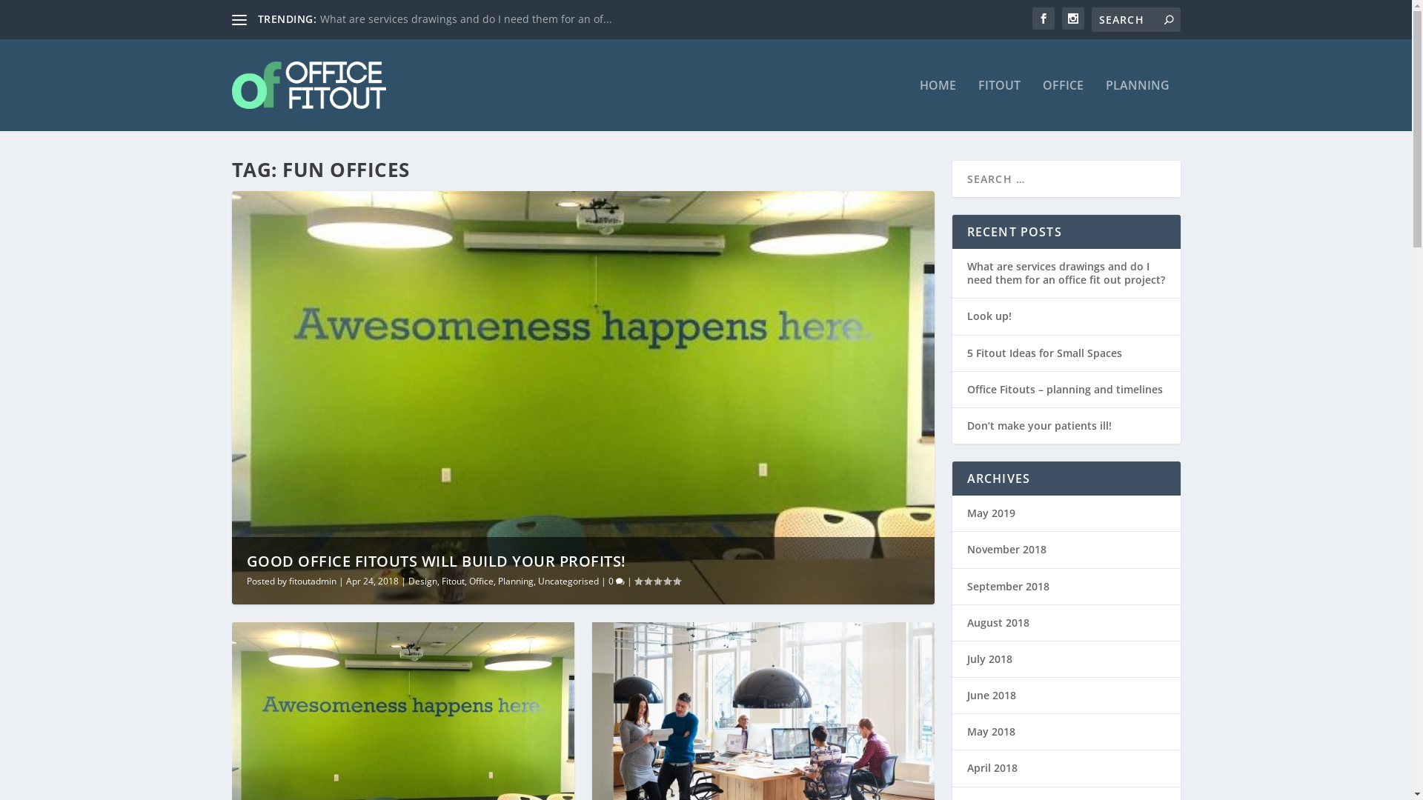 The image size is (1423, 800). I want to click on '5 Fitout Ideas for Small Spaces', so click(966, 353).